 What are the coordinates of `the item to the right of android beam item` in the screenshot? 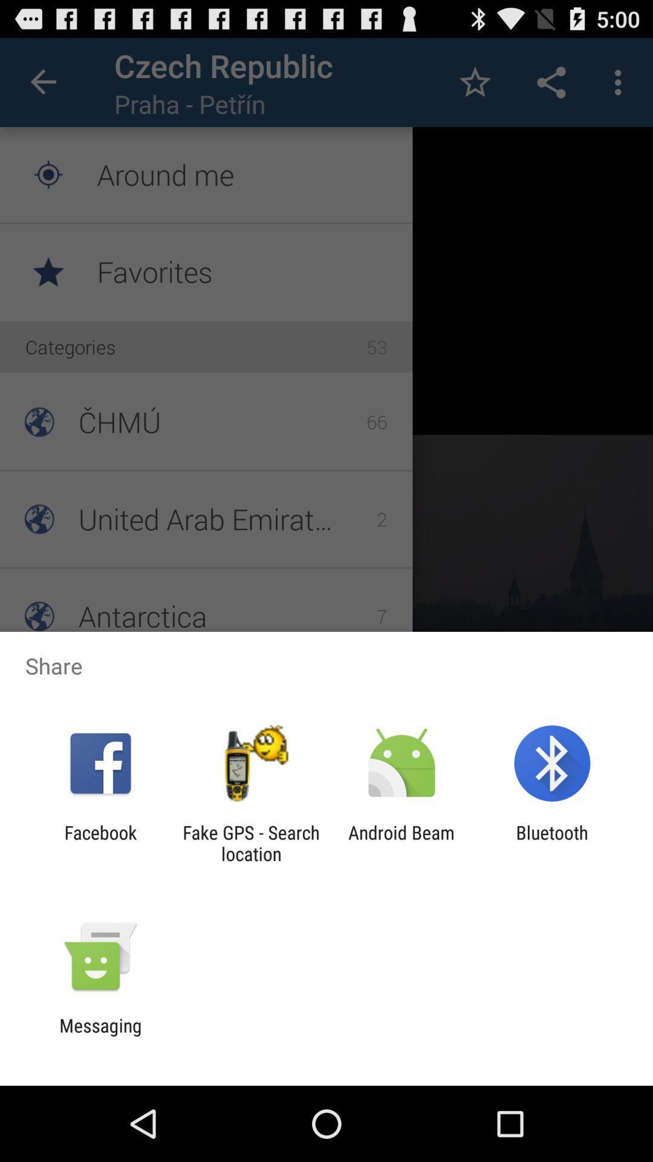 It's located at (552, 842).